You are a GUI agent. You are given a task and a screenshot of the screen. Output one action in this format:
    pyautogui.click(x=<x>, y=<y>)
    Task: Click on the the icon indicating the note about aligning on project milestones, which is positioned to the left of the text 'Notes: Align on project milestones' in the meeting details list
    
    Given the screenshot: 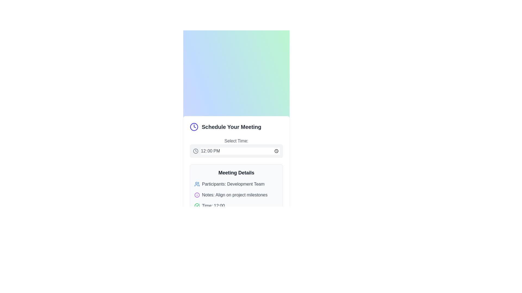 What is the action you would take?
    pyautogui.click(x=197, y=195)
    